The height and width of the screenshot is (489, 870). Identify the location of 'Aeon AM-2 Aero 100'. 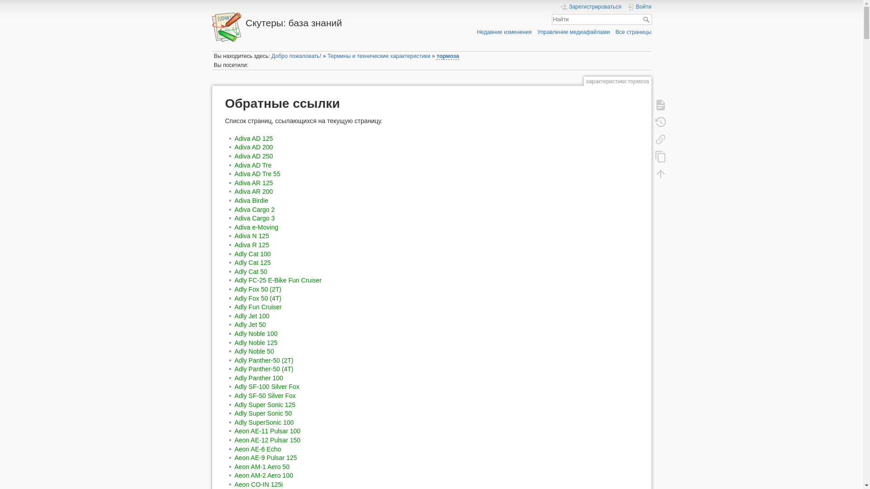
(235, 475).